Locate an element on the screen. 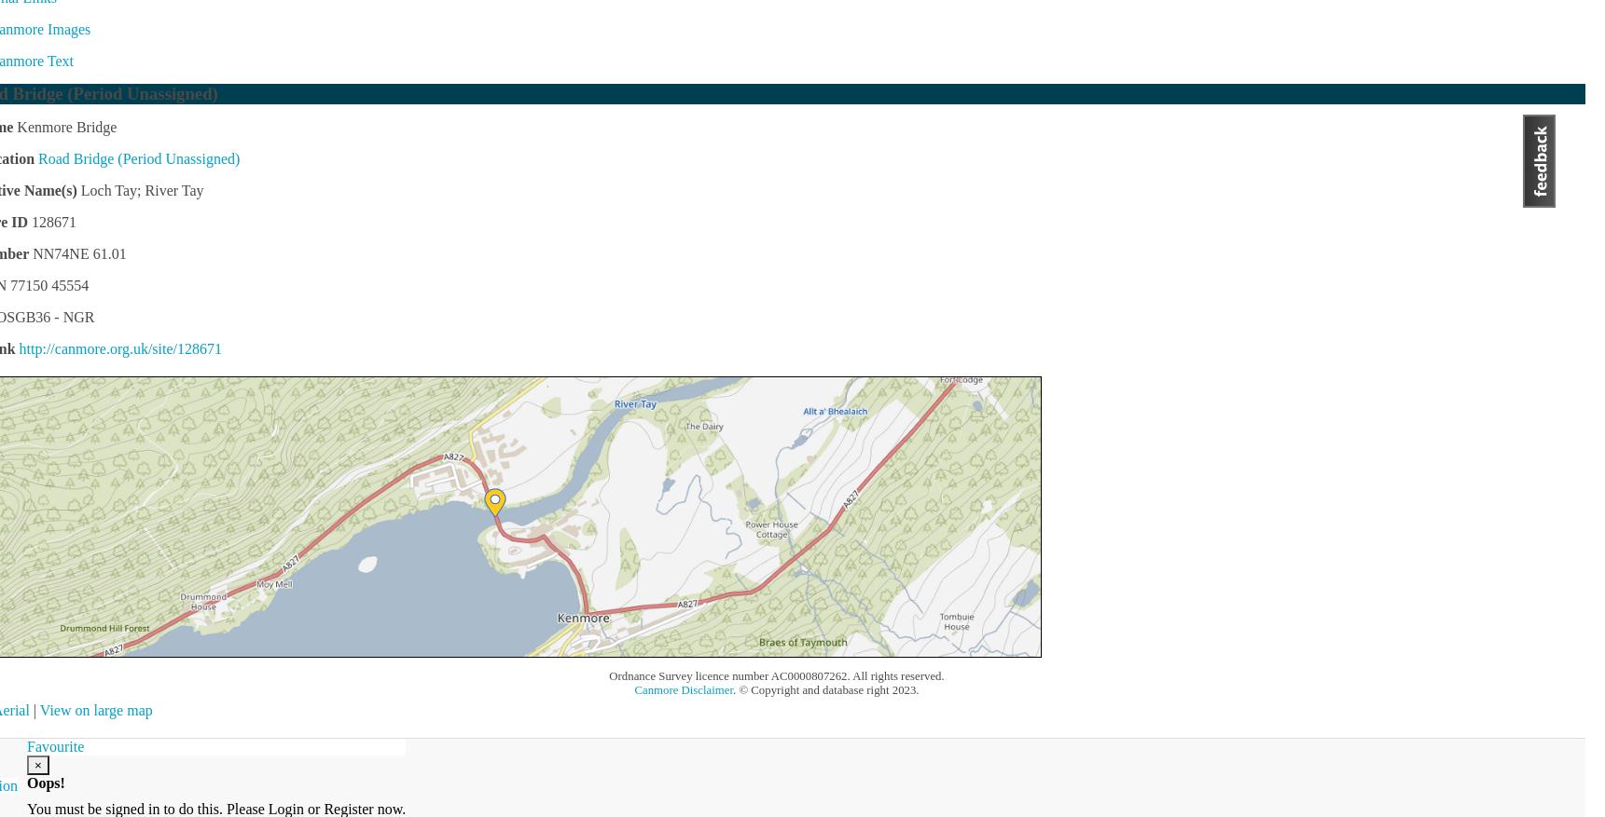 The image size is (1605, 817). 'Favourite' is located at coordinates (54, 744).